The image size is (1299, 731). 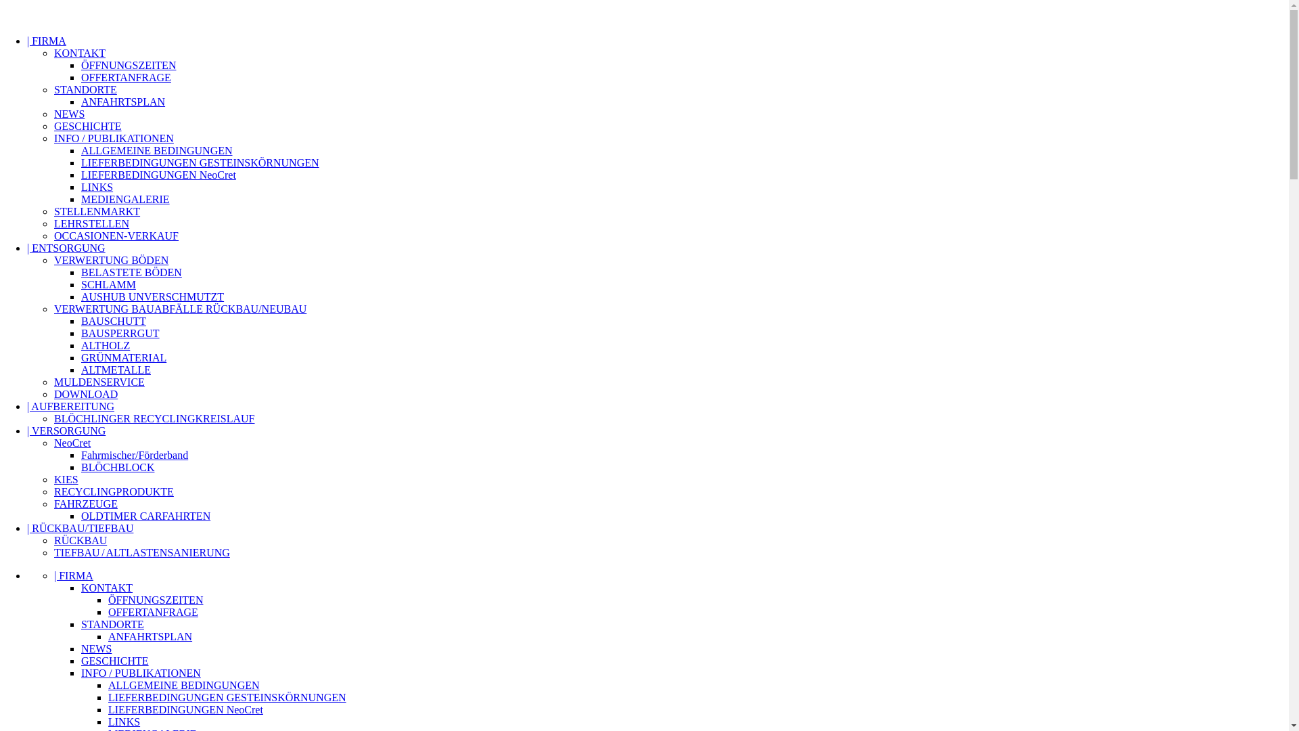 I want to click on 'KIES', so click(x=65, y=479).